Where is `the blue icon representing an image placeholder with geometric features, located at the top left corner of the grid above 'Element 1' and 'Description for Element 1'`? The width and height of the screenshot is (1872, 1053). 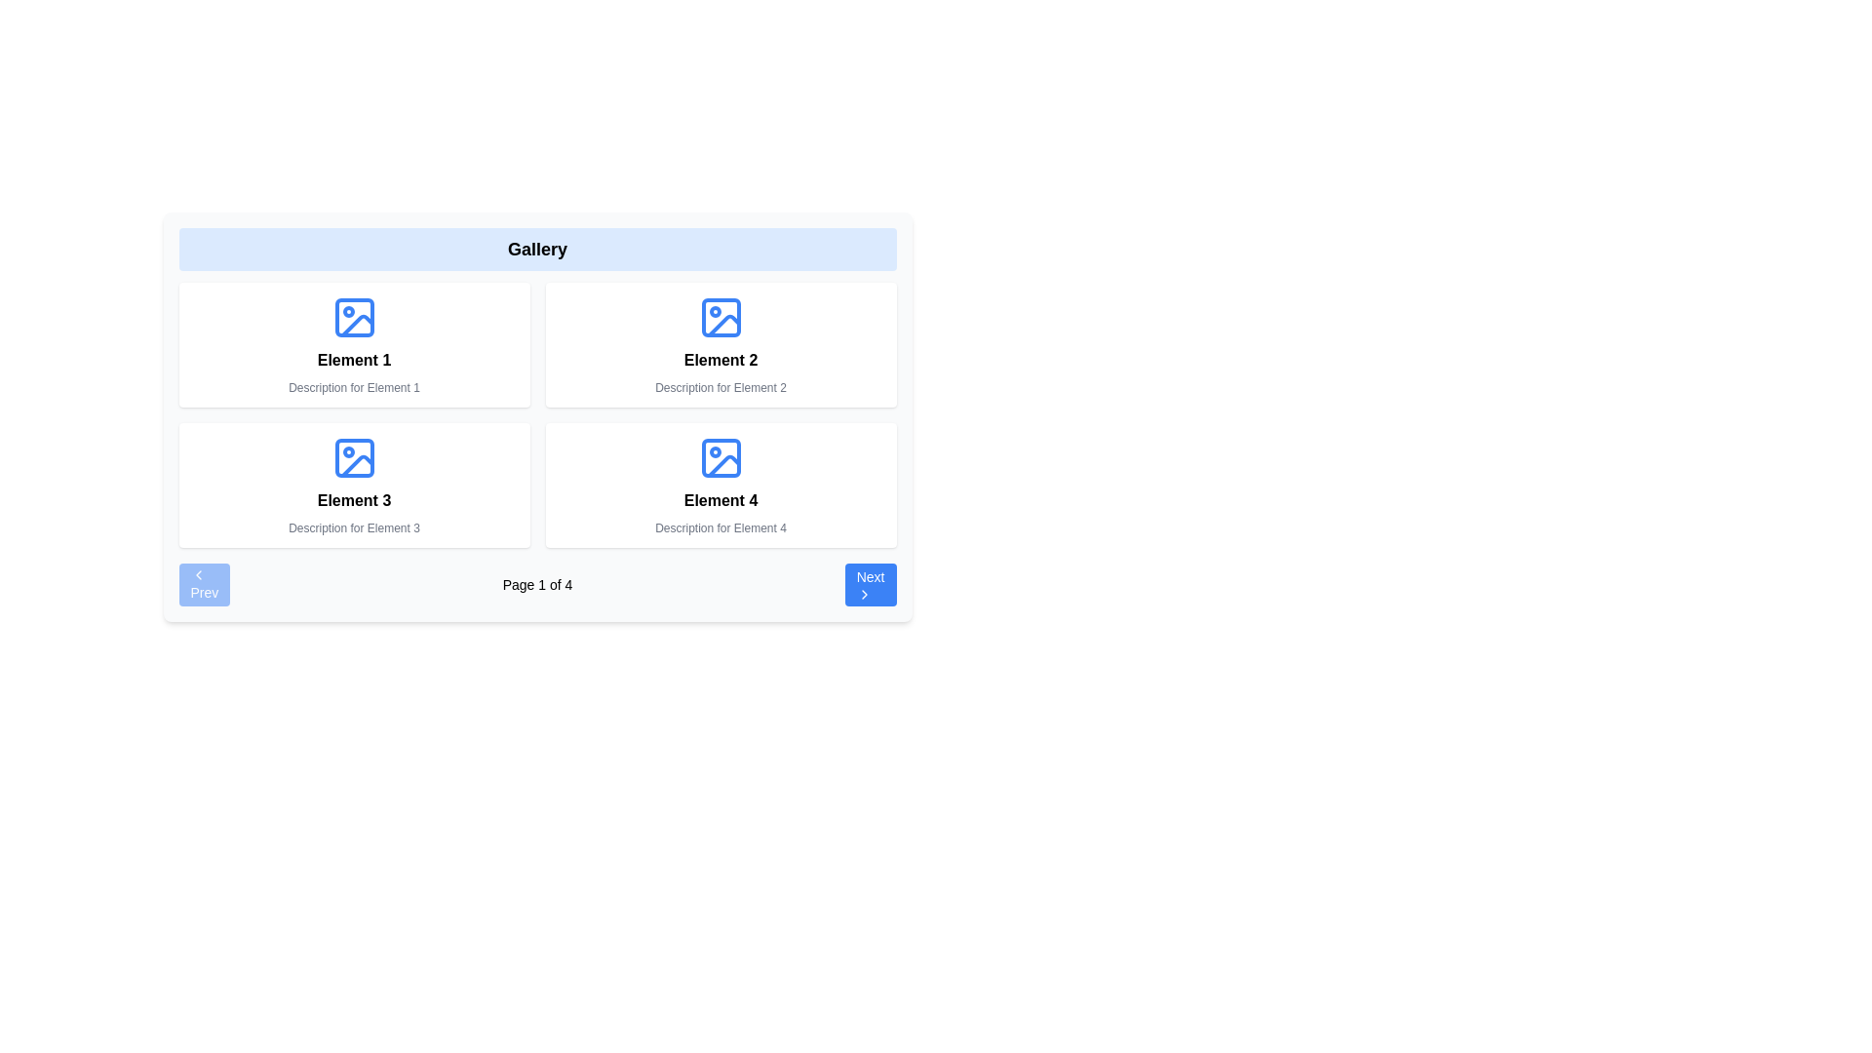 the blue icon representing an image placeholder with geometric features, located at the top left corner of the grid above 'Element 1' and 'Description for Element 1' is located at coordinates (354, 317).